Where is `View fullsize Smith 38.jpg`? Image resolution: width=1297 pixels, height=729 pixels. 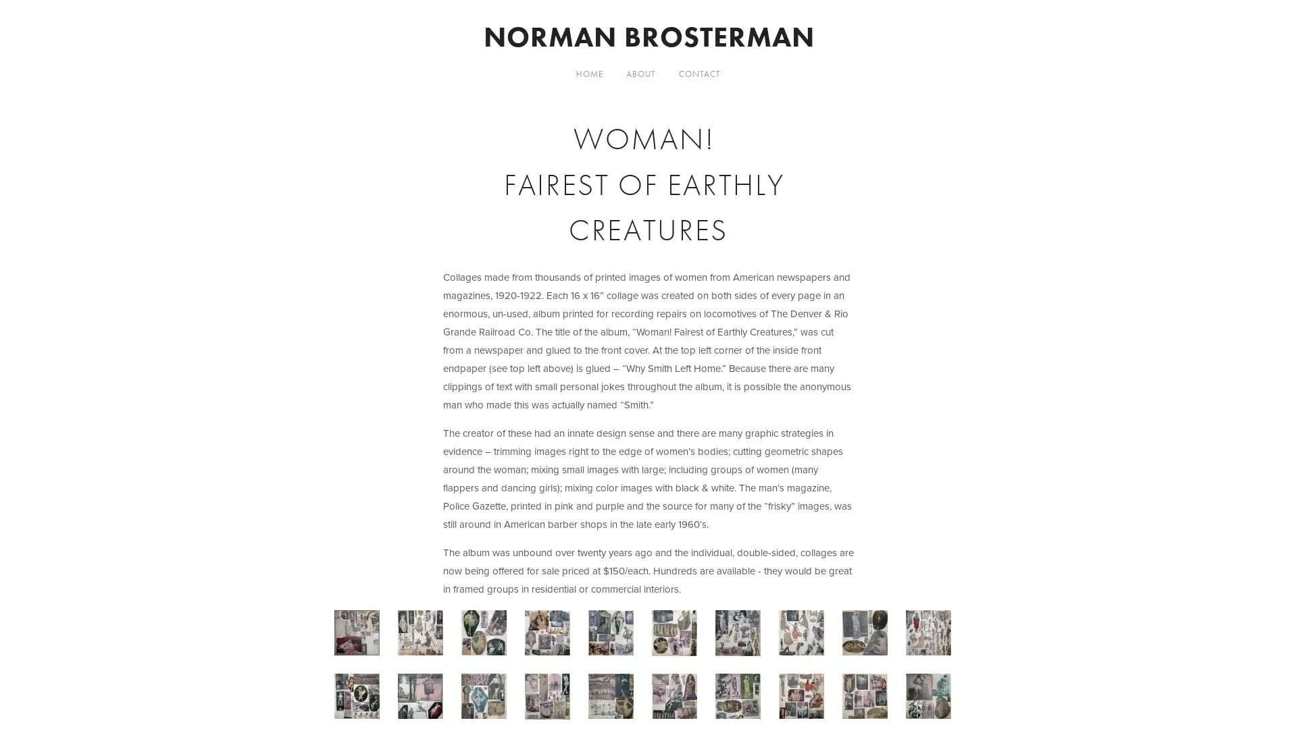 View fullsize Smith 38.jpg is located at coordinates (807, 638).